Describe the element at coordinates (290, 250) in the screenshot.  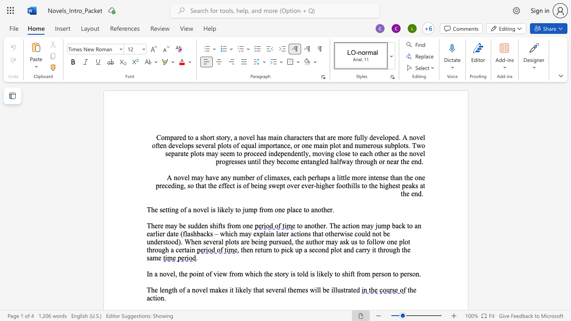
I see `the space between the continuous character "c" and "k" in the text` at that location.